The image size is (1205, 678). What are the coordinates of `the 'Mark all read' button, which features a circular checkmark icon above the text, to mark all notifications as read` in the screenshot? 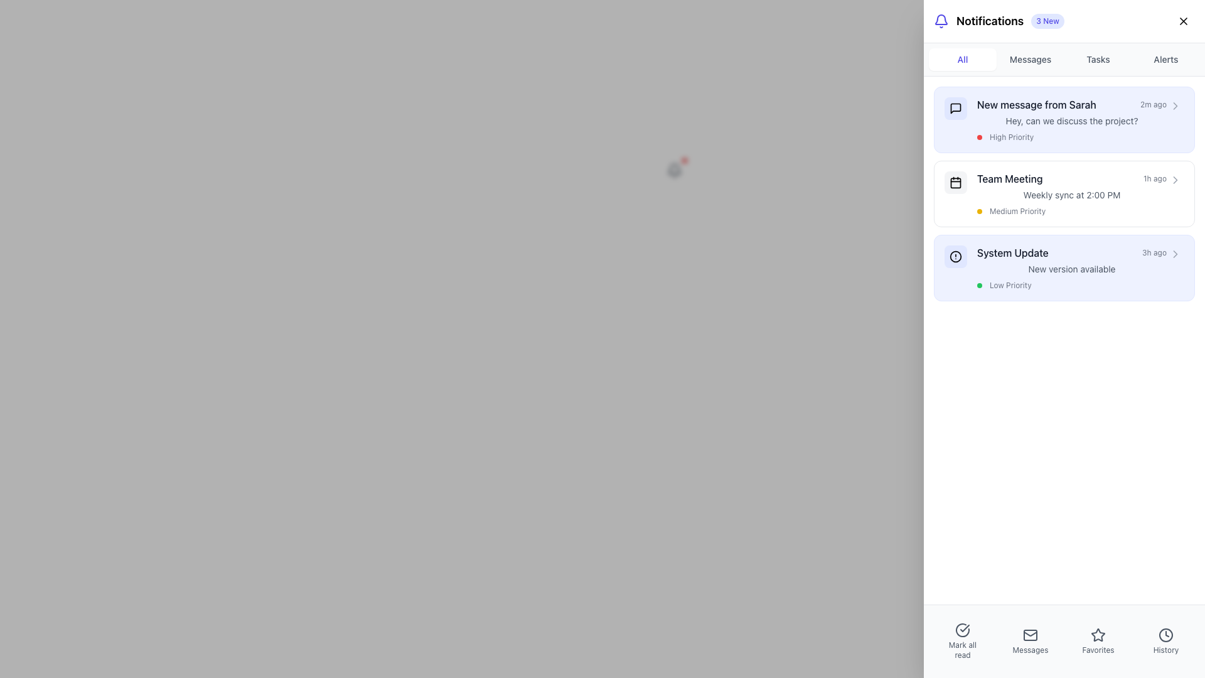 It's located at (962, 642).